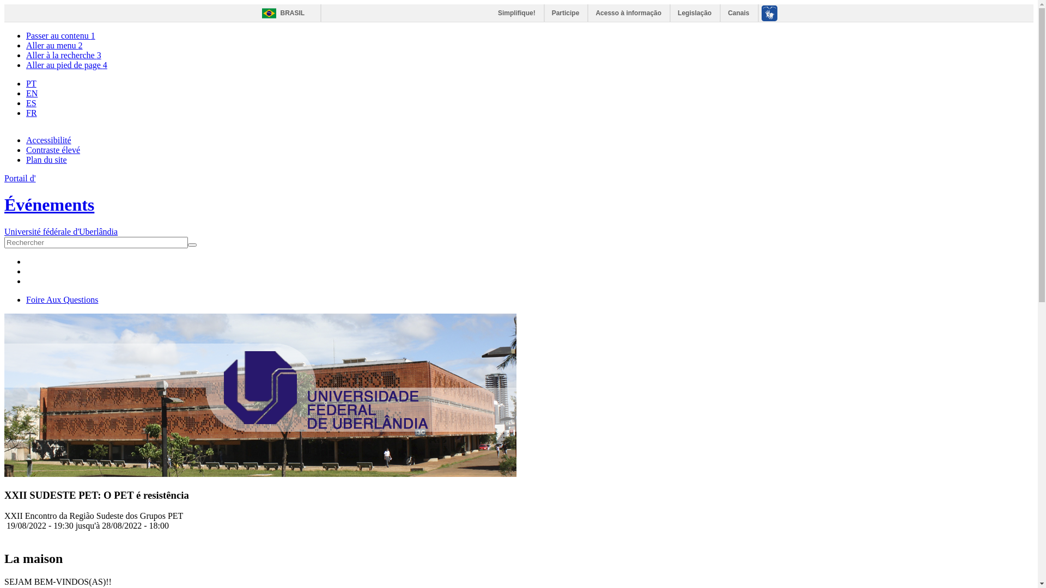 Image resolution: width=1046 pixels, height=588 pixels. What do you see at coordinates (32, 93) in the screenshot?
I see `'EN'` at bounding box center [32, 93].